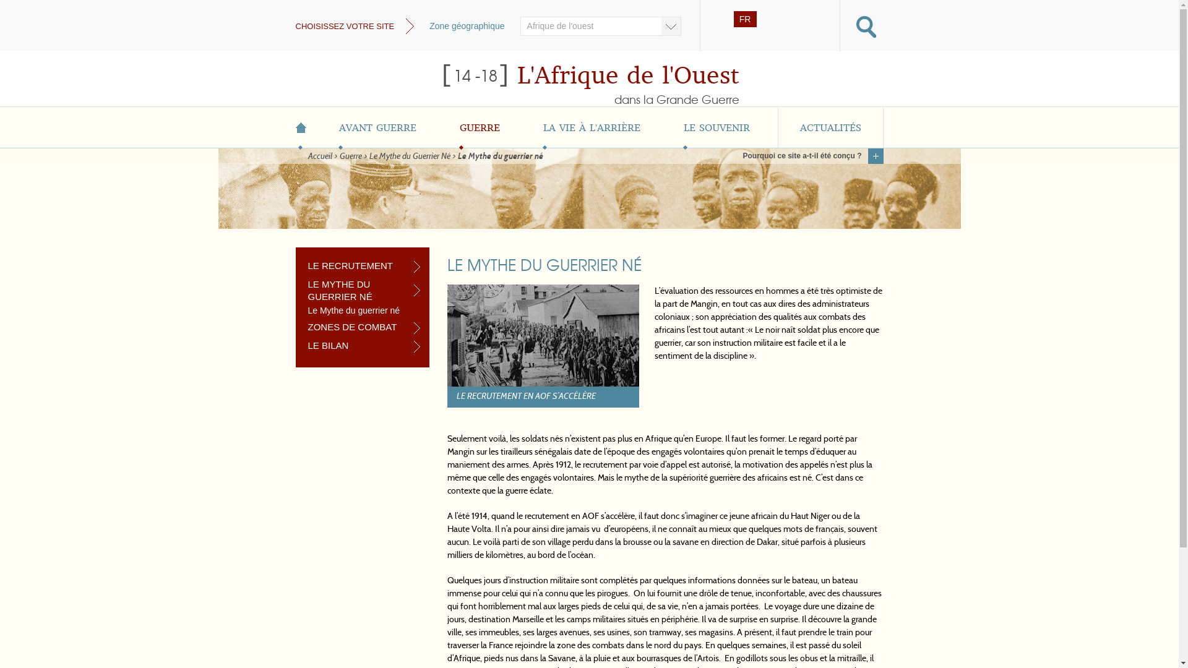 Image resolution: width=1188 pixels, height=668 pixels. What do you see at coordinates (308, 265) in the screenshot?
I see `'LE RECRUTEMENT'` at bounding box center [308, 265].